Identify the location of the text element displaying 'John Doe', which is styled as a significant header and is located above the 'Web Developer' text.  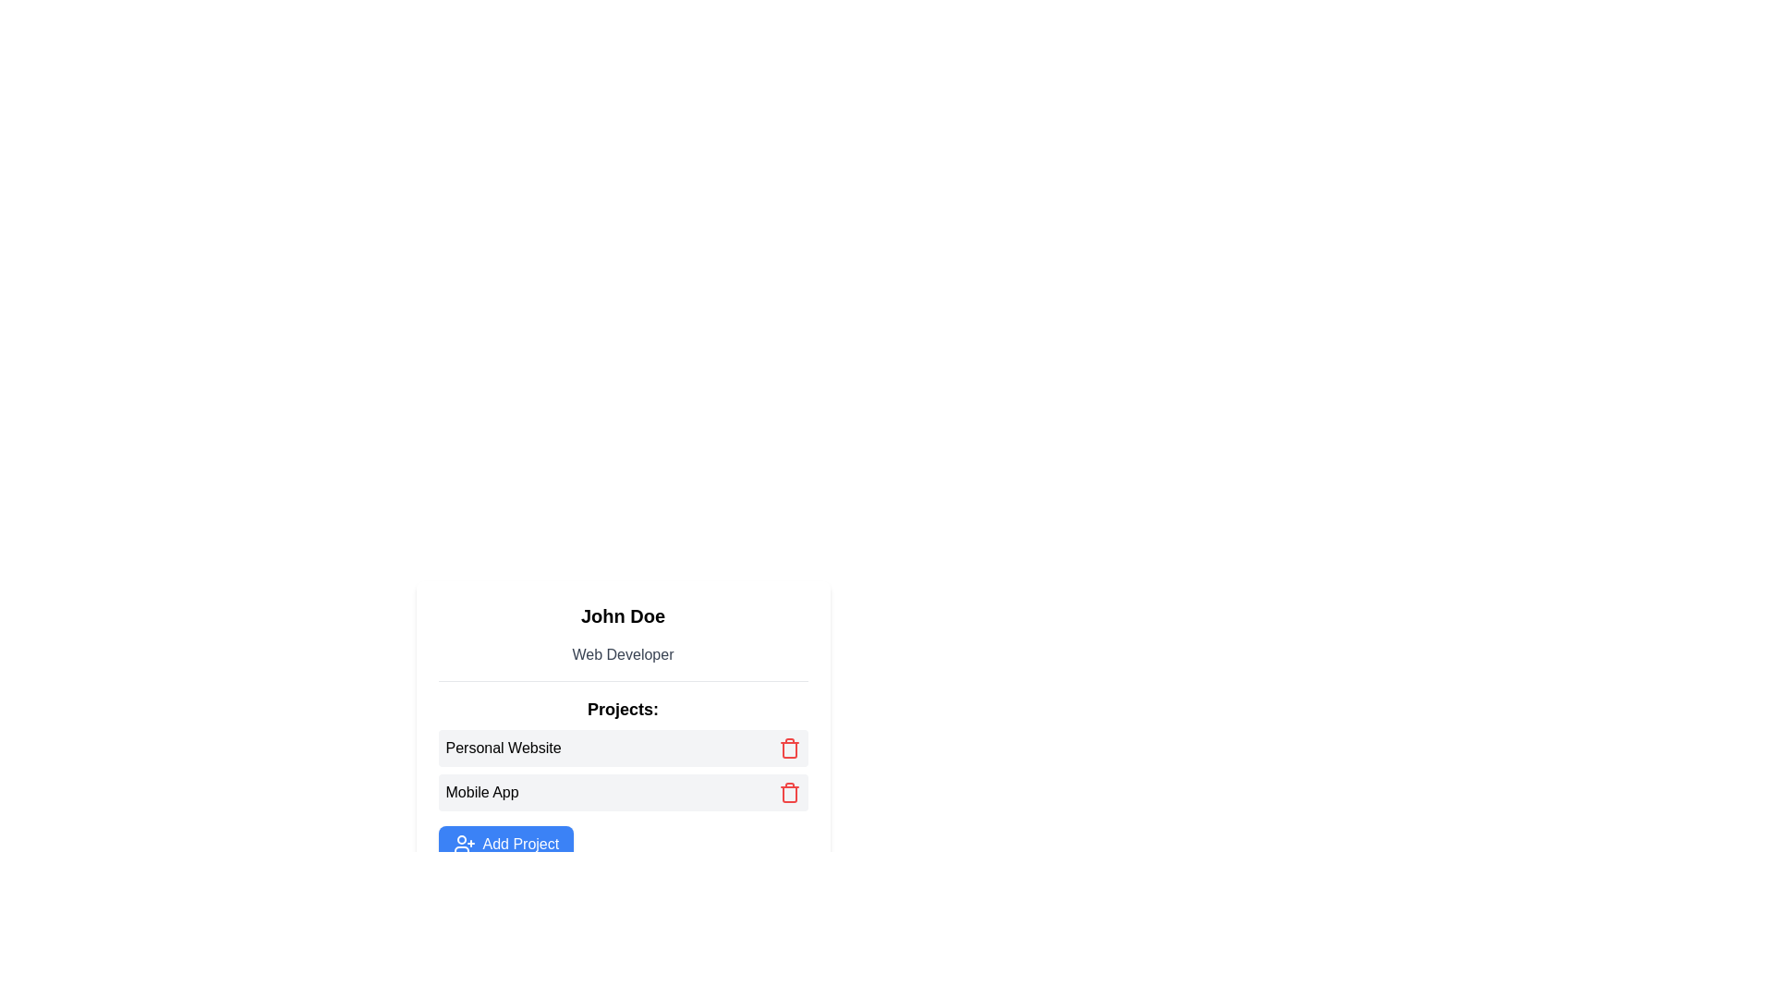
(623, 616).